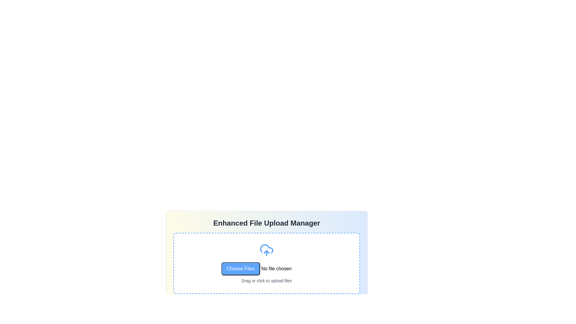 The width and height of the screenshot is (576, 324). I want to click on the static text label that reads 'Drag or click to upload files.' located at the bottom center of the file upload interface, so click(266, 281).